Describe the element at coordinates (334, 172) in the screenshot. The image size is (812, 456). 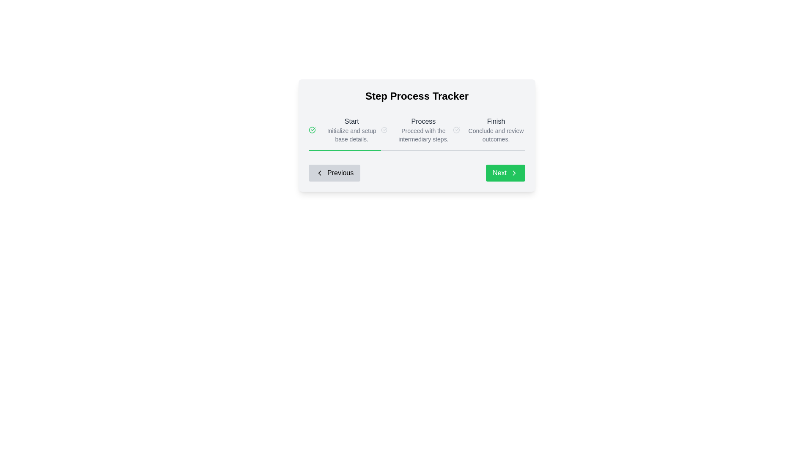
I see `the leftmost navigation button` at that location.